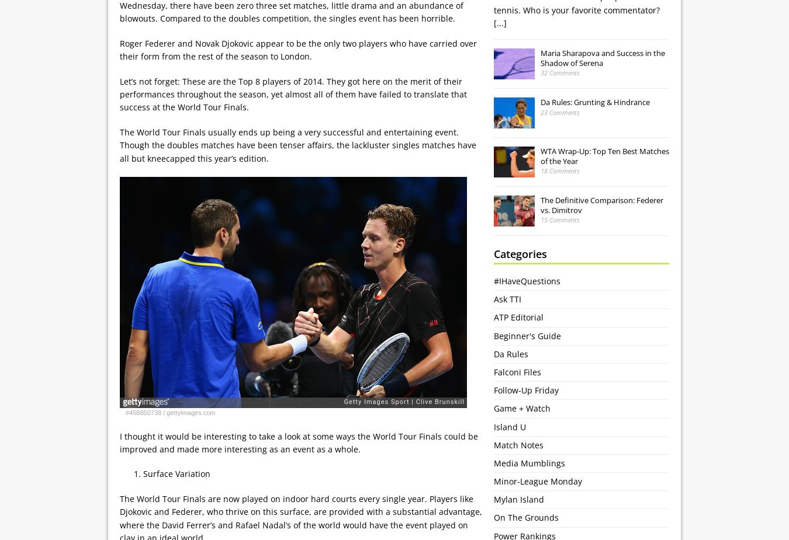  What do you see at coordinates (297, 49) in the screenshot?
I see `'Roger Federer and Novak Djokovic appear to be the only two players who have carried over their form from the rest of the season to London.'` at bounding box center [297, 49].